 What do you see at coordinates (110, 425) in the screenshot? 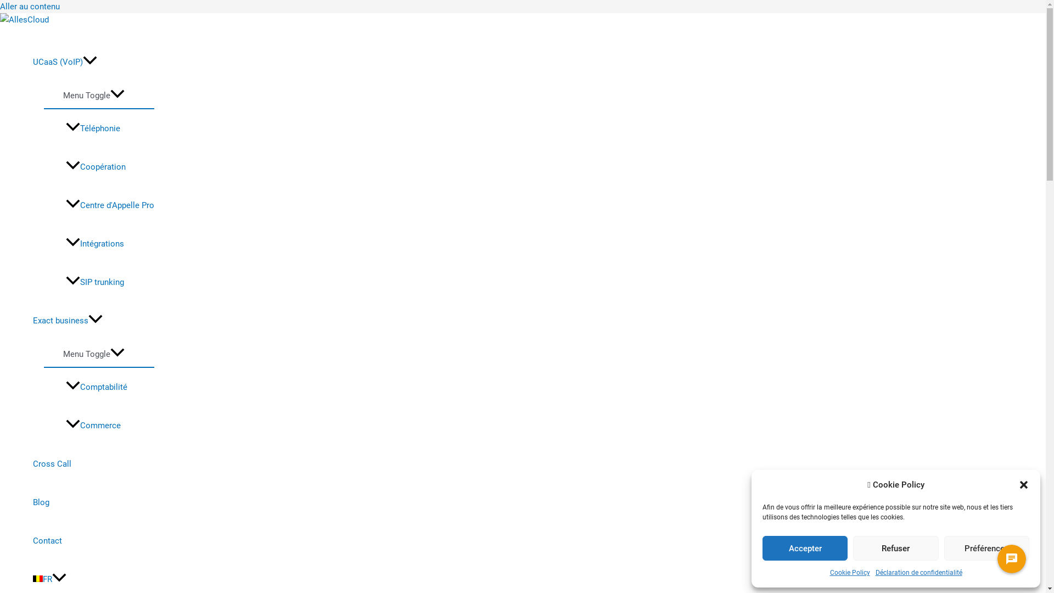
I see `'Commerce'` at bounding box center [110, 425].